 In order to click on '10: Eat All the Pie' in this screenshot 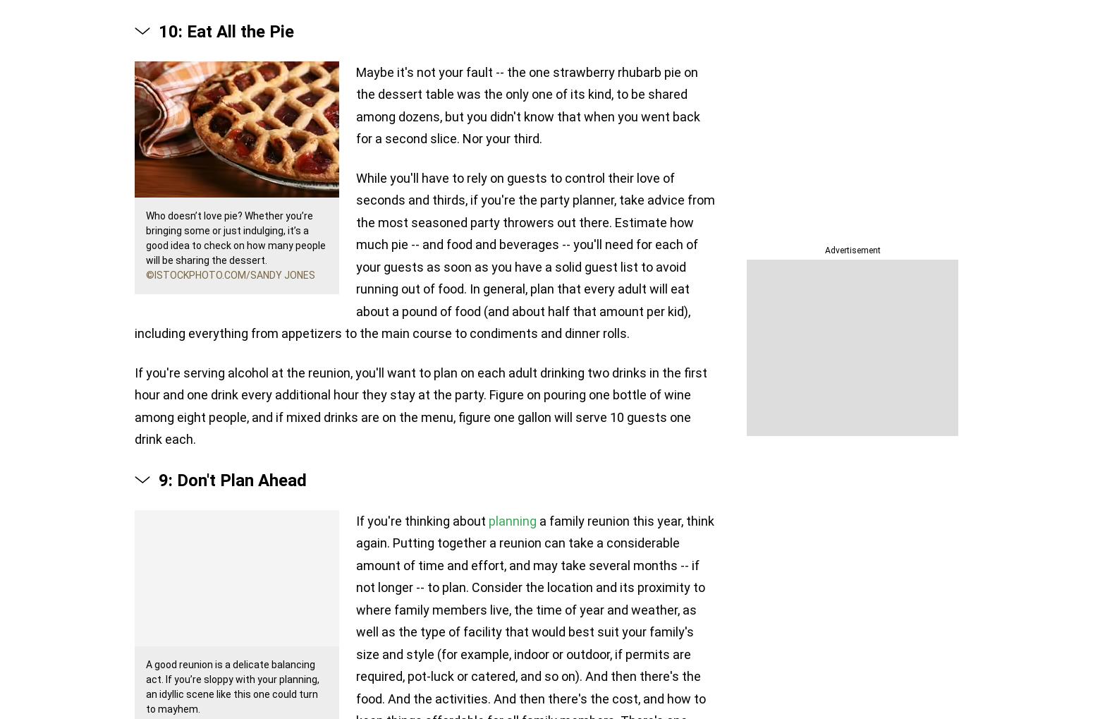, I will do `click(226, 30)`.